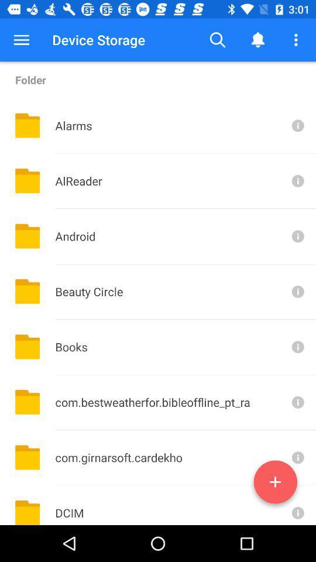 The image size is (316, 562). Describe the element at coordinates (297, 402) in the screenshot. I see `get information on the folder` at that location.